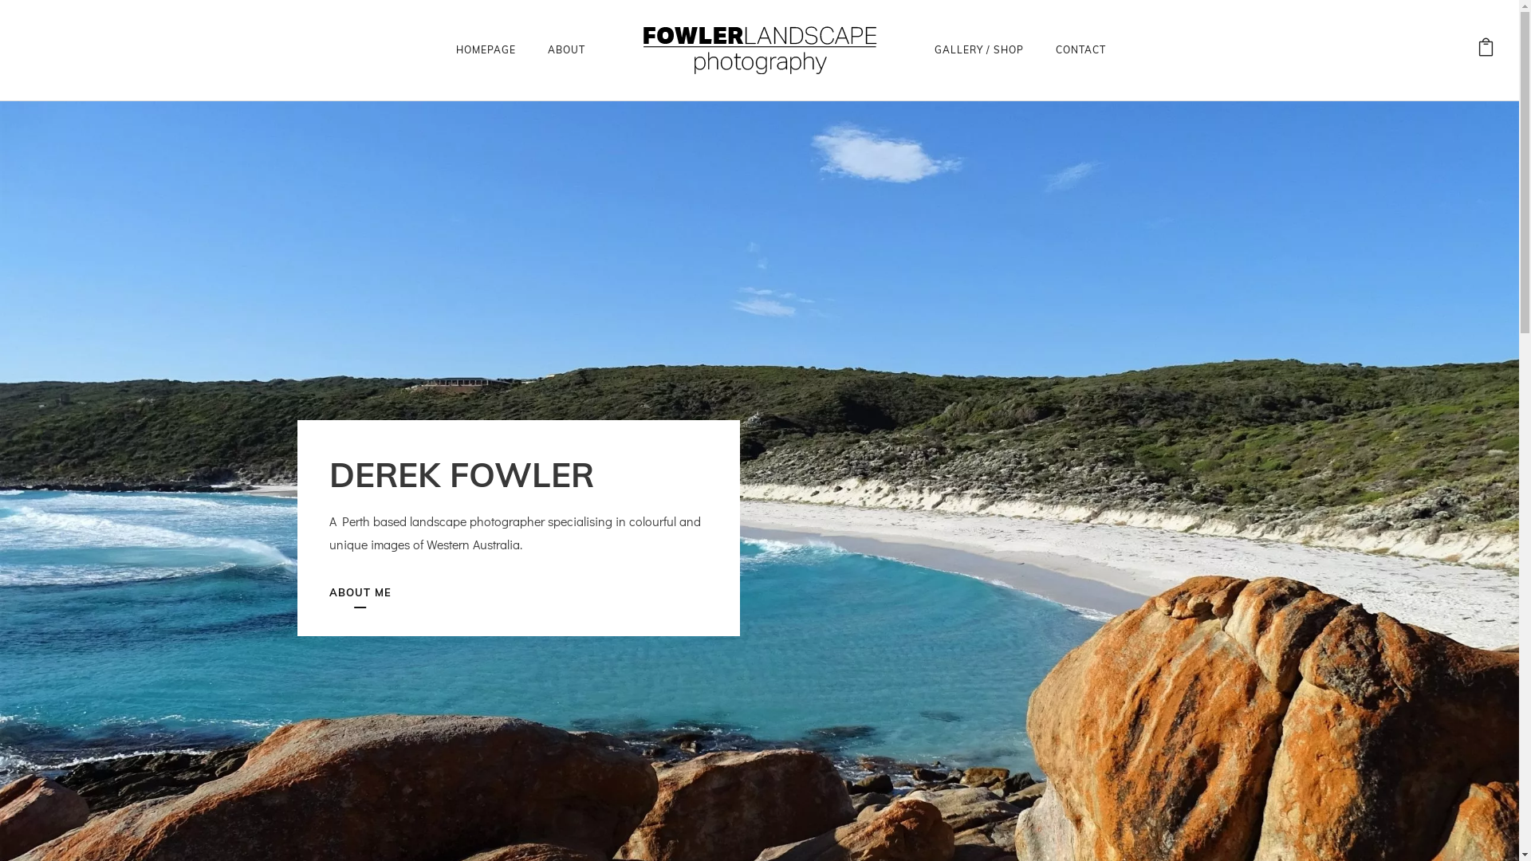 This screenshot has height=861, width=1531. What do you see at coordinates (978, 49) in the screenshot?
I see `'GALLERY / SHOP'` at bounding box center [978, 49].